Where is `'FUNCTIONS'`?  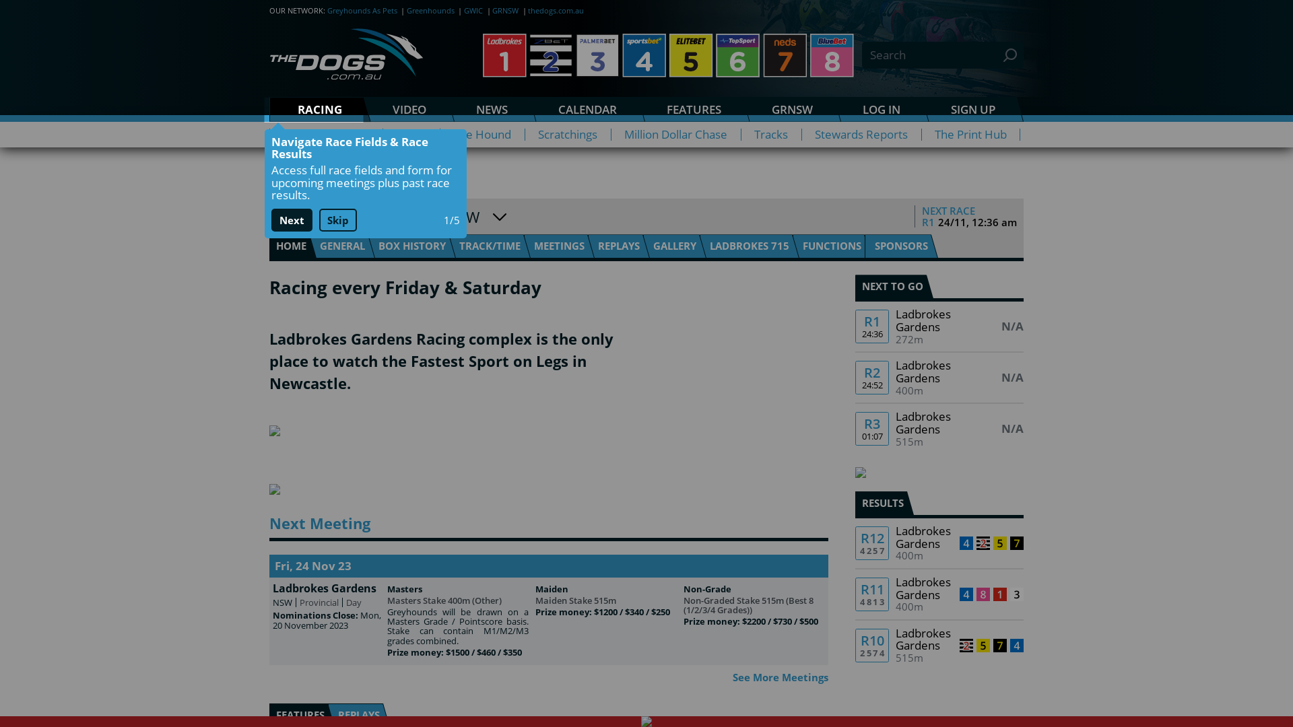
'FUNCTIONS' is located at coordinates (831, 246).